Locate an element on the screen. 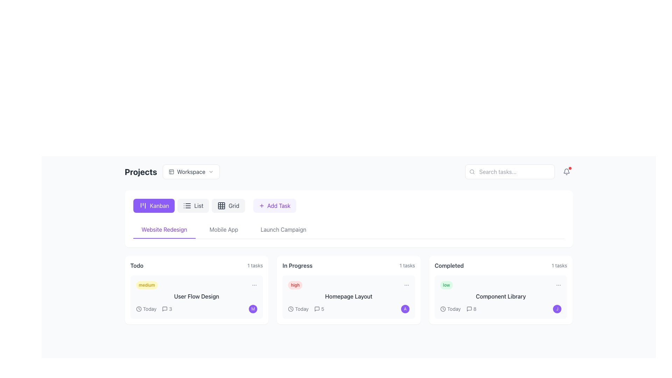 The image size is (672, 378). the displayed information on the 'Today' deadline and the count of '3' comments/messages in the composite layout element located within the 'Todo' card is located at coordinates (154, 309).